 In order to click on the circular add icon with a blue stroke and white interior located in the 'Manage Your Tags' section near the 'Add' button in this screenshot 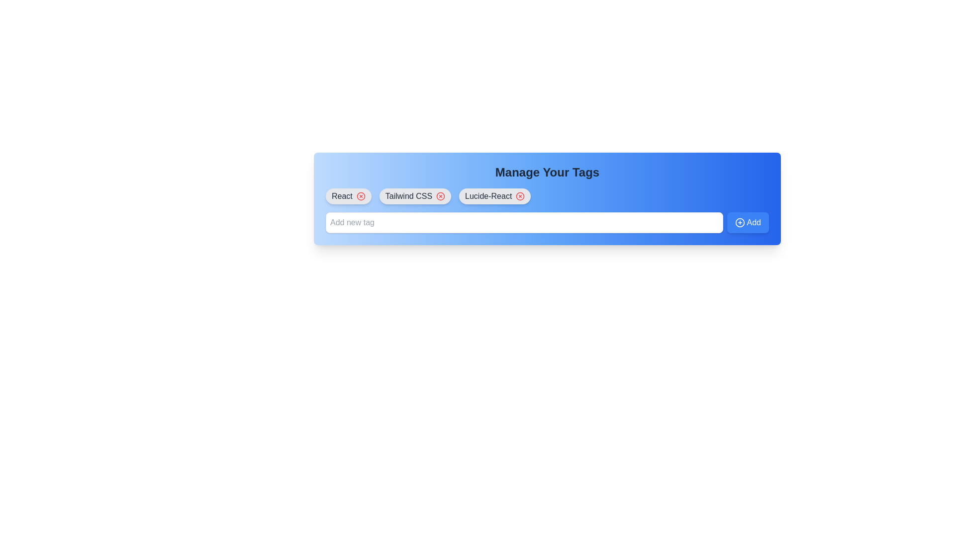, I will do `click(740, 222)`.